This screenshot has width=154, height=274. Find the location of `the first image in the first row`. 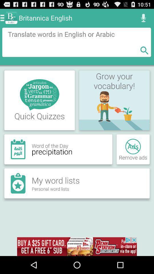

the first image in the first row is located at coordinates (39, 95).